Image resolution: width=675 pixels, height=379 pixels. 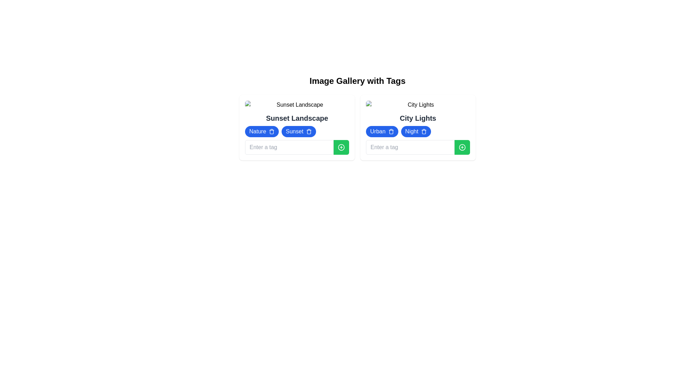 I want to click on the Trash/Remove Action icon, which is the delete button for the 'Sunset' tag located in the 'Sunset Landscape' group, specifically the second tag from the left, so click(x=309, y=131).